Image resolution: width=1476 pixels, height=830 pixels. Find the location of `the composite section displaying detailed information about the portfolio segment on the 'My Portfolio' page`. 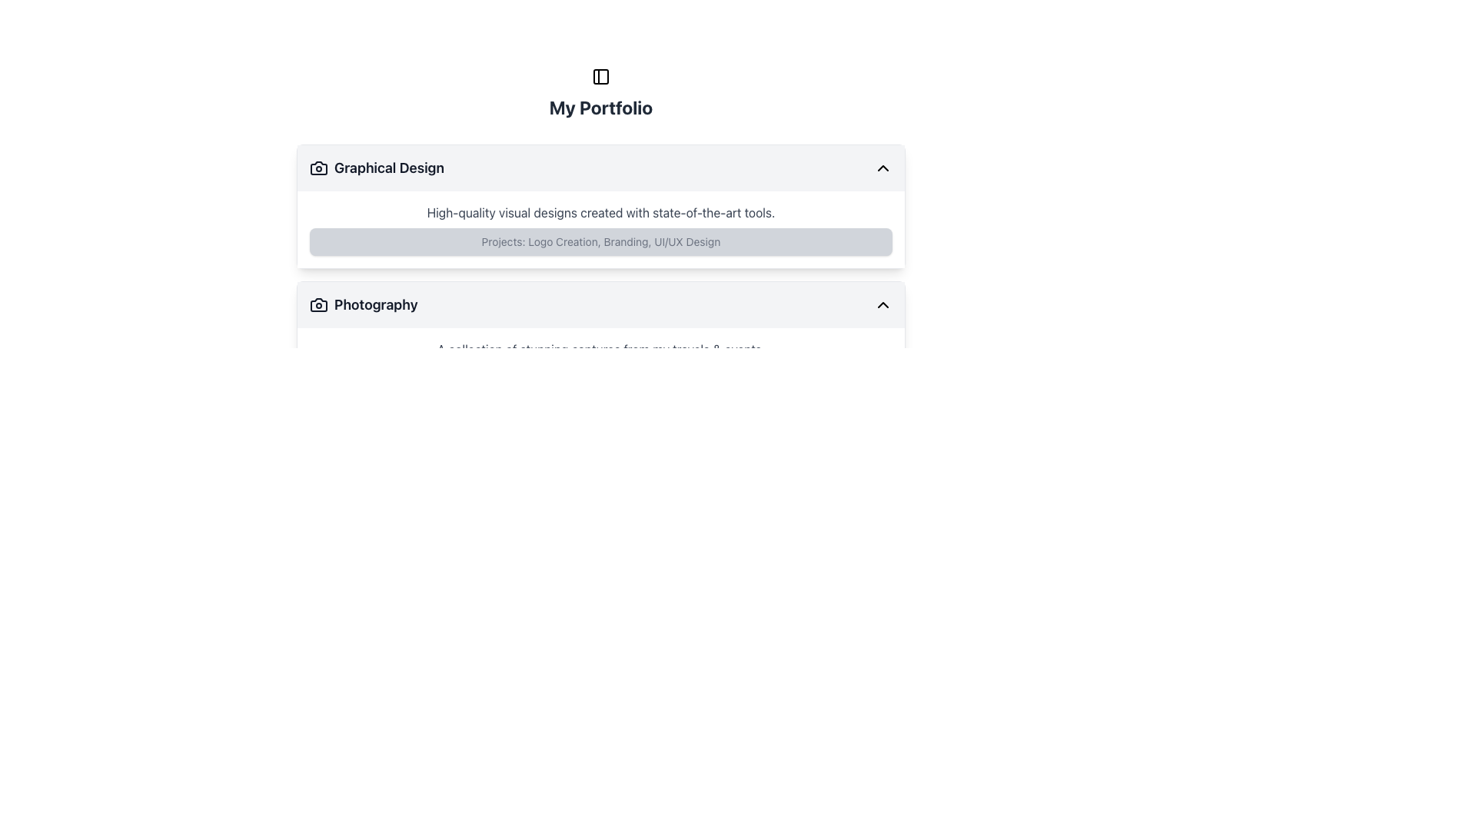

the composite section displaying detailed information about the portfolio segment on the 'My Portfolio' page is located at coordinates (600, 343).